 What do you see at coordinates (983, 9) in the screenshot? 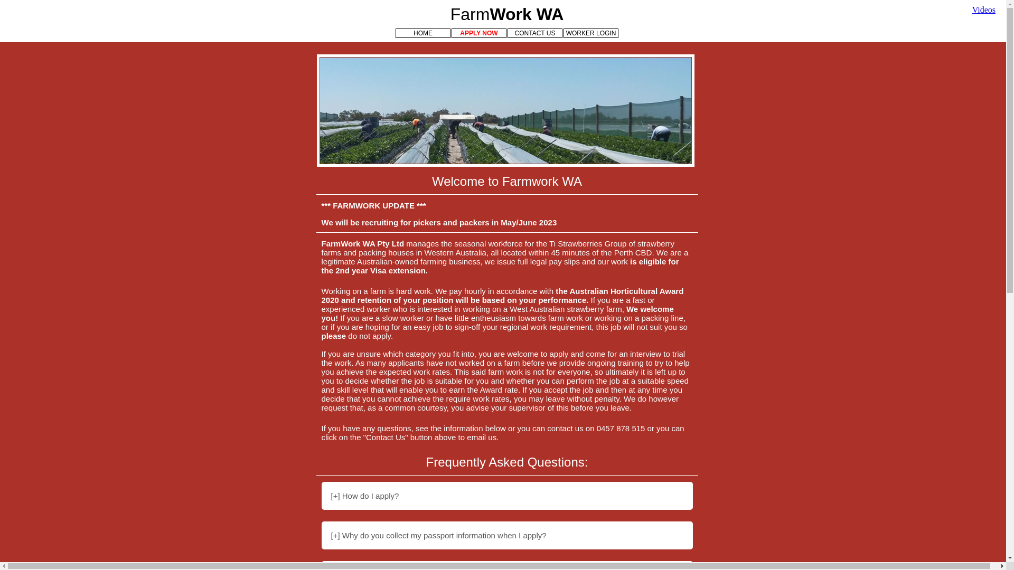
I see `'Videos'` at bounding box center [983, 9].